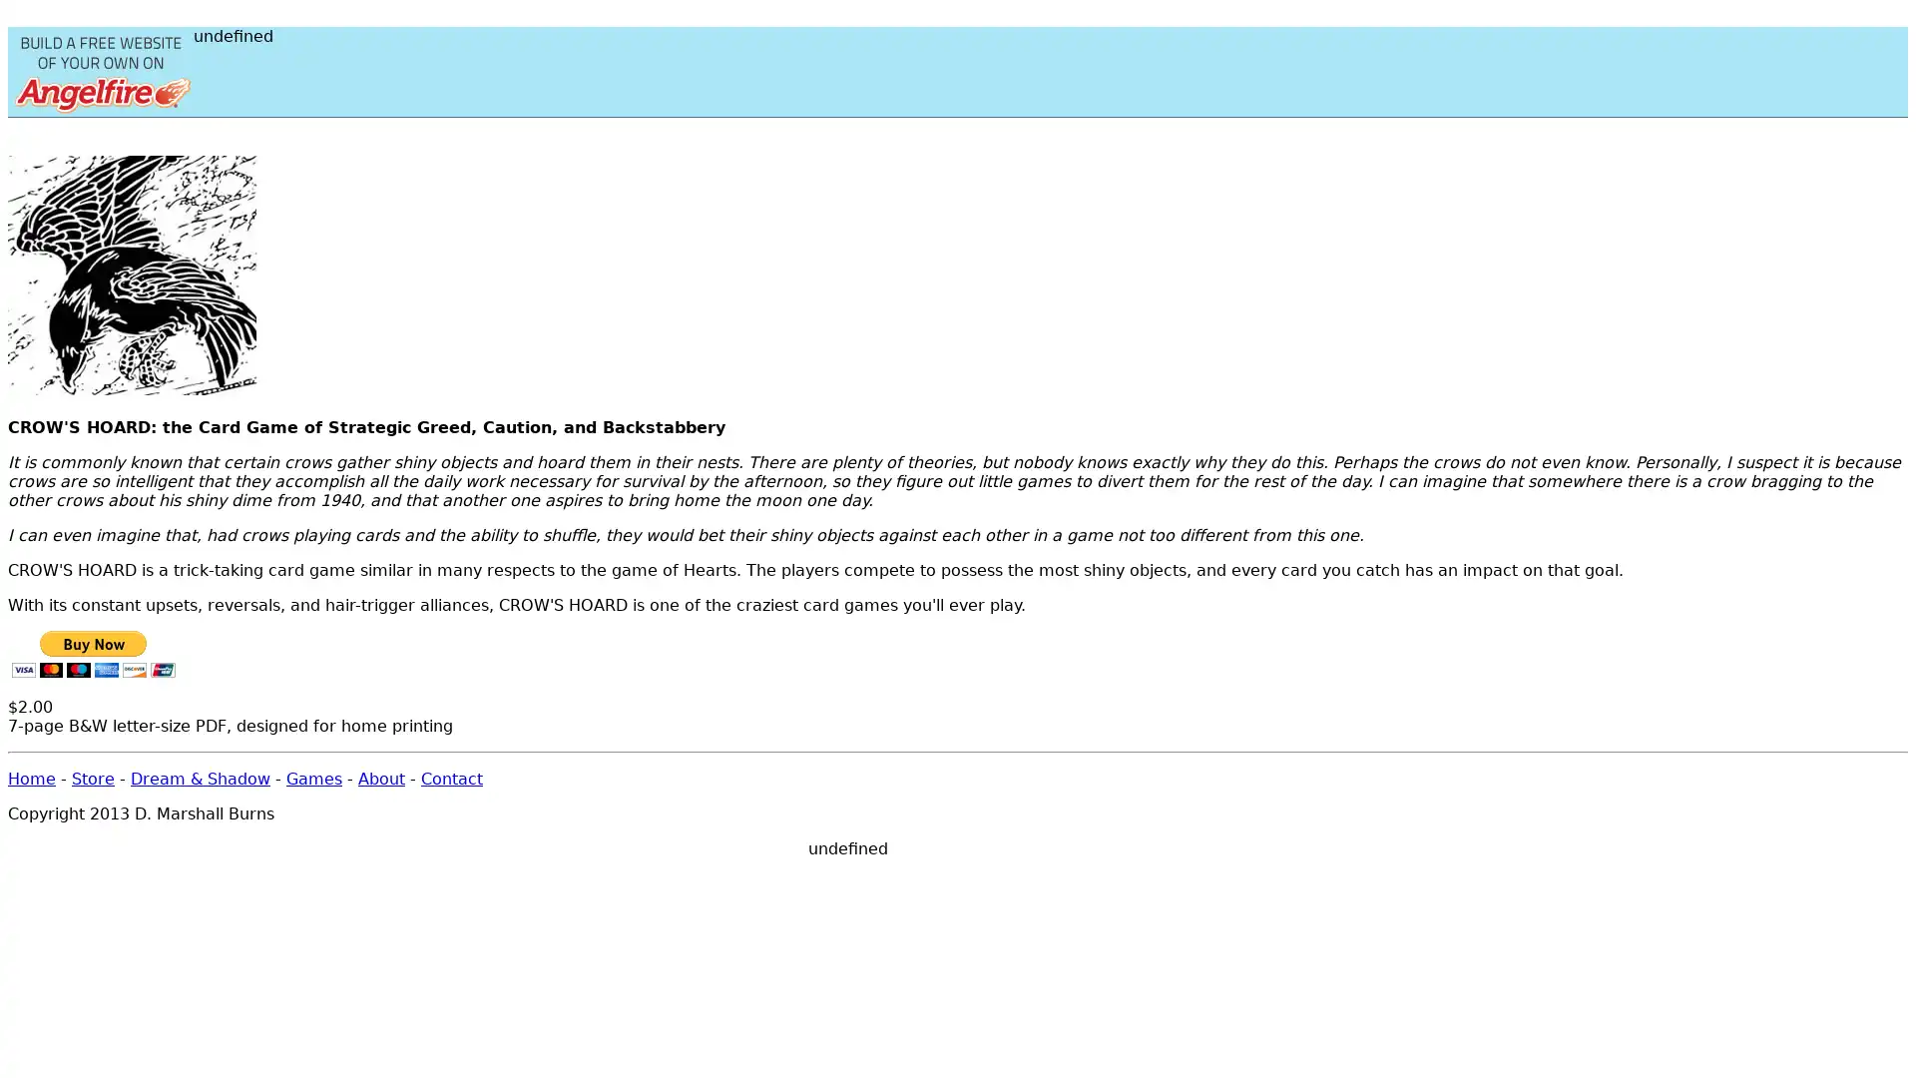 Image resolution: width=1916 pixels, height=1078 pixels. Describe the element at coordinates (92, 654) in the screenshot. I see `PayPal - The safer, easier way to pay online!` at that location.